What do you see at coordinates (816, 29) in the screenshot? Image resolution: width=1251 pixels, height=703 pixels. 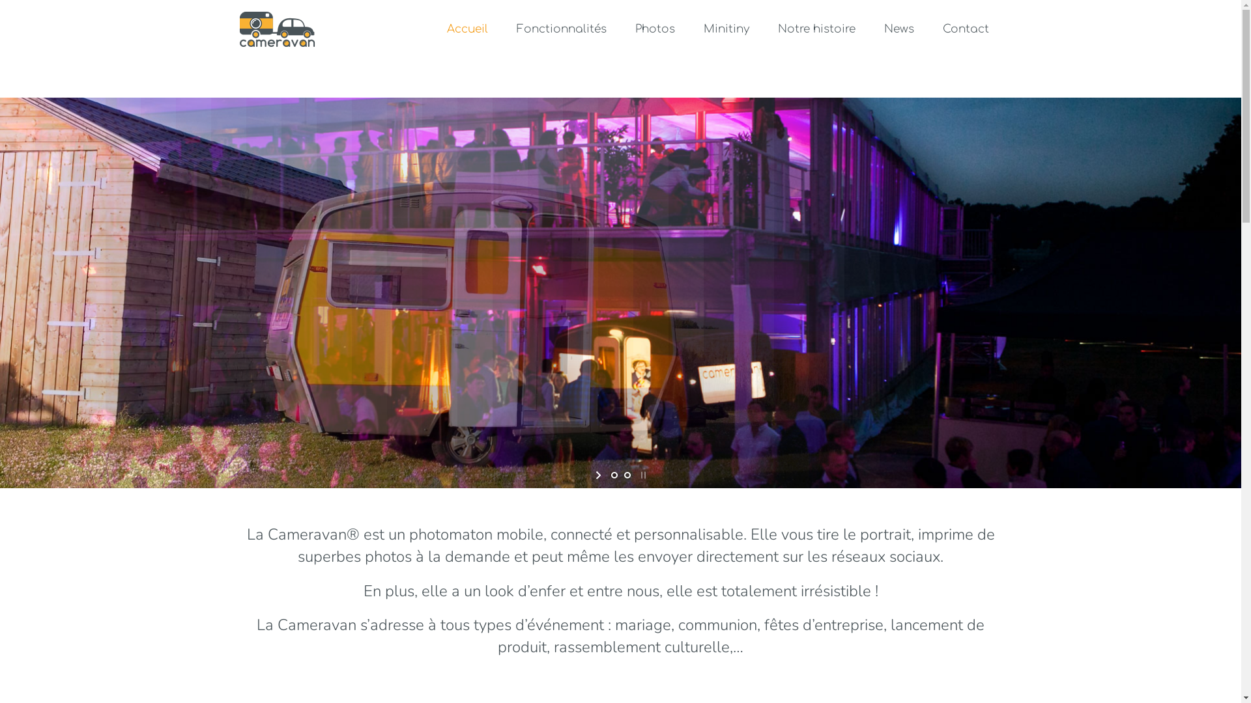 I see `'Notre histoire'` at bounding box center [816, 29].